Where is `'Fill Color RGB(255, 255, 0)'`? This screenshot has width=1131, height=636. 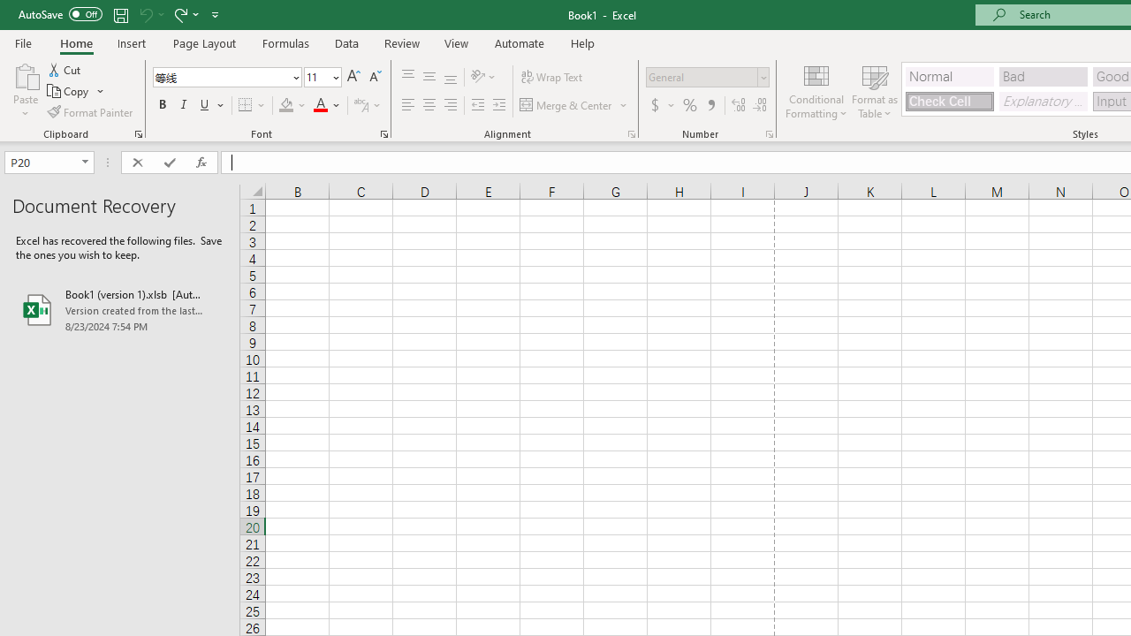 'Fill Color RGB(255, 255, 0)' is located at coordinates (286, 105).